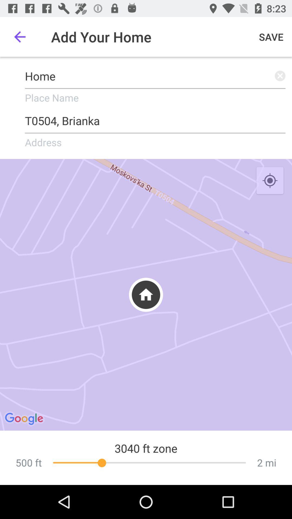 Image resolution: width=292 pixels, height=519 pixels. What do you see at coordinates (19, 36) in the screenshot?
I see `the item above home` at bounding box center [19, 36].